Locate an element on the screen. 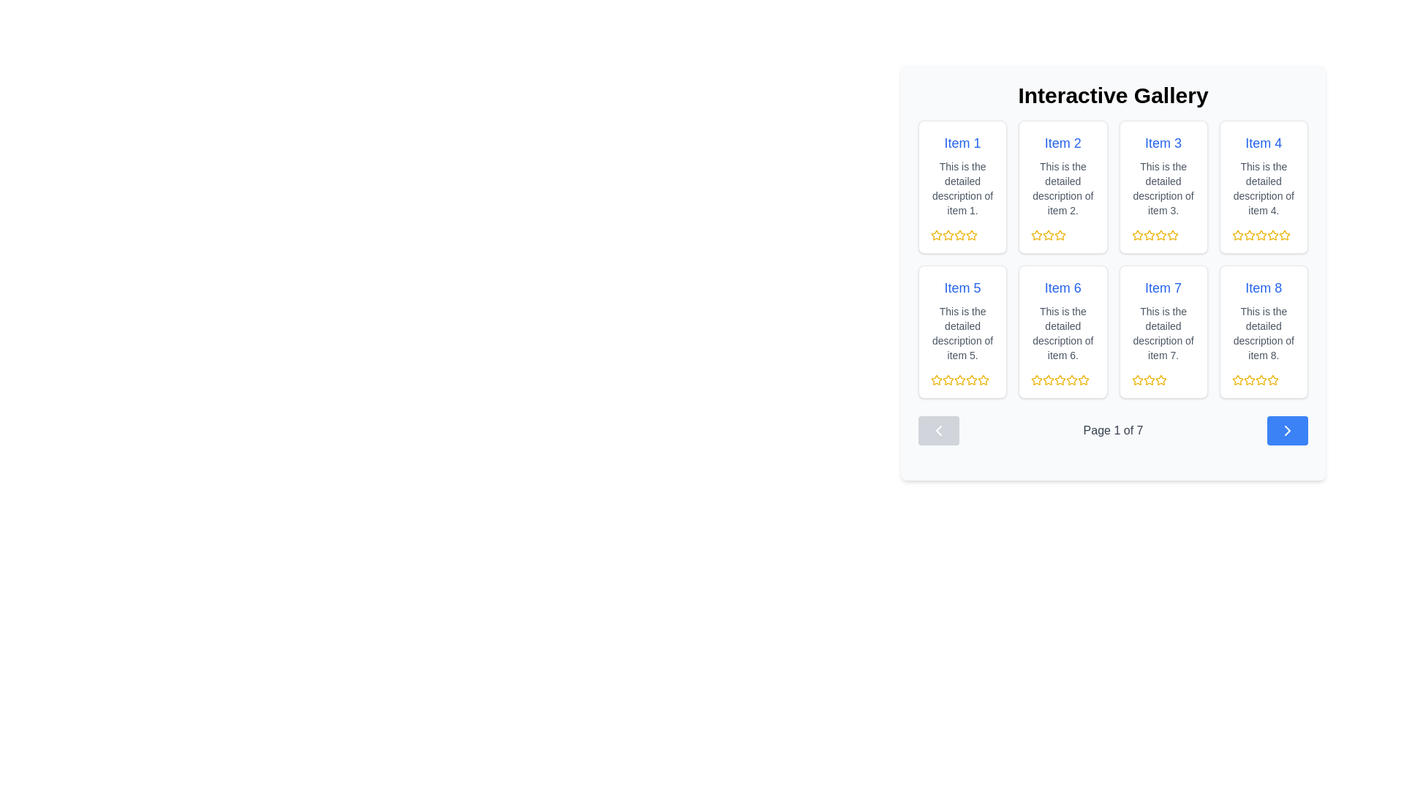 This screenshot has height=790, width=1404. the first star icon in the rating section below the description of item 2, located inside the second card of the gallery layout is located at coordinates (1036, 234).